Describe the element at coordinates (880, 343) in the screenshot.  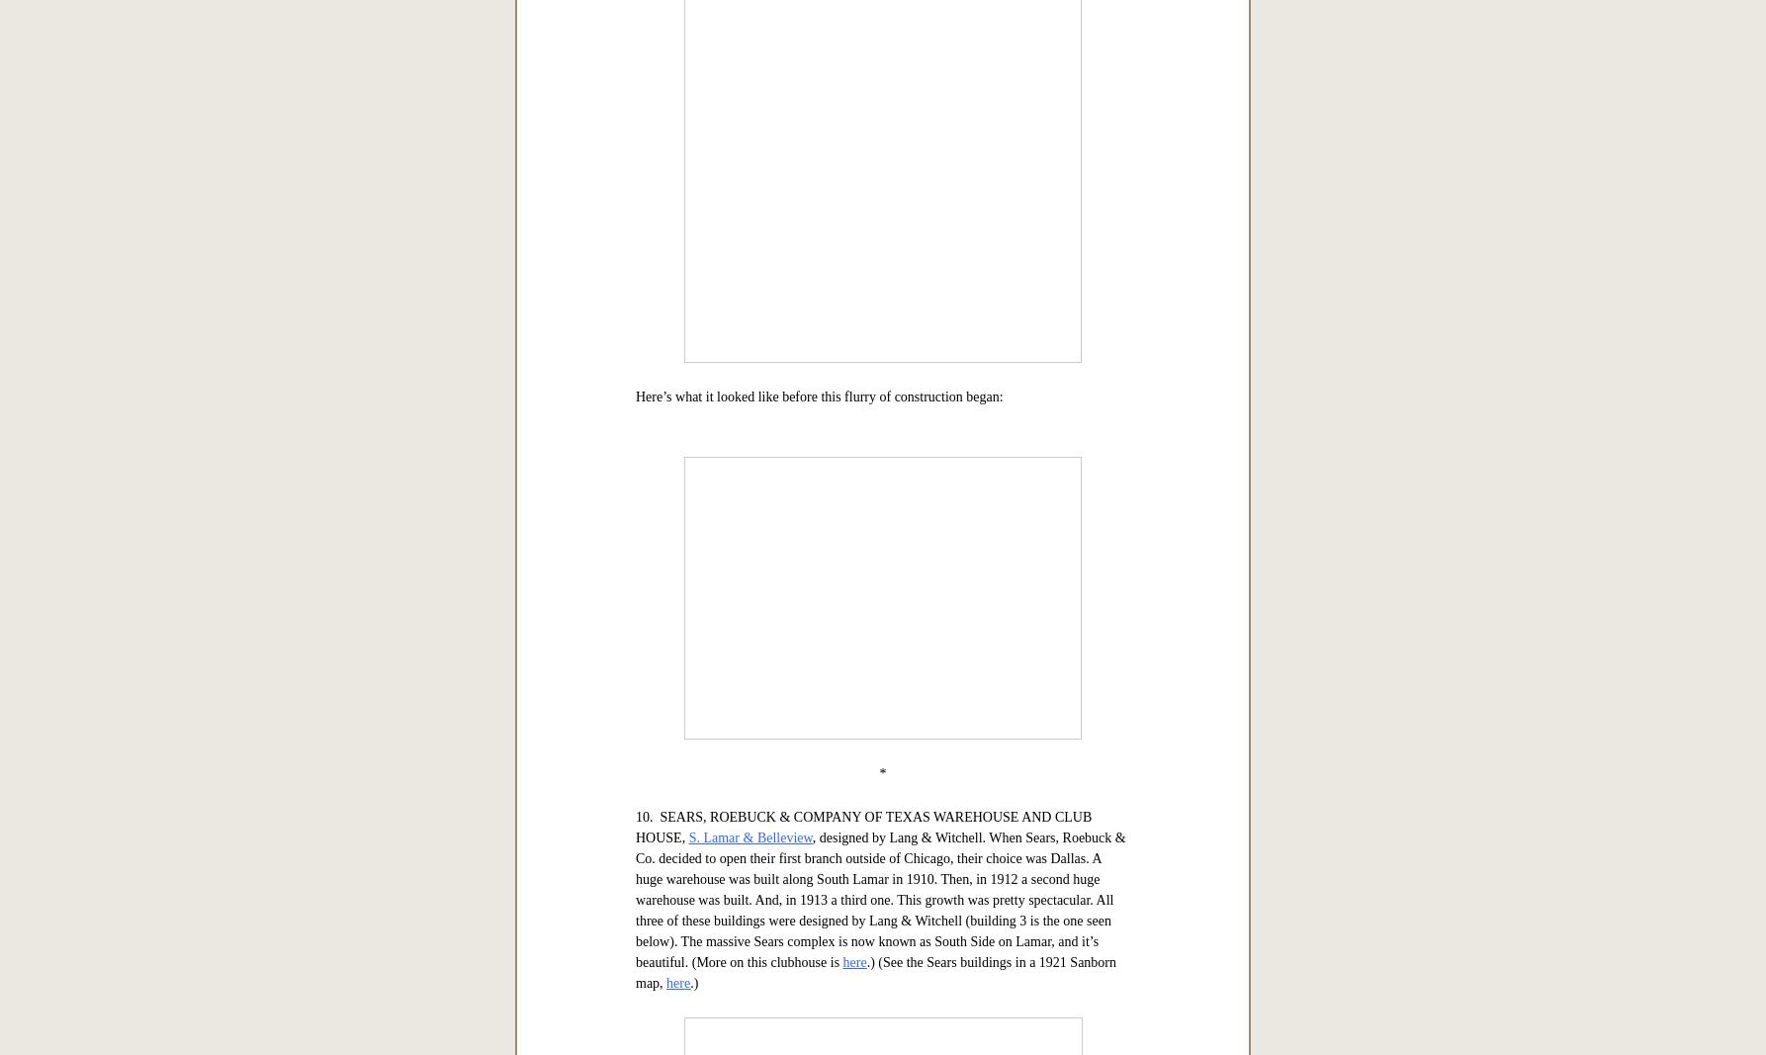
I see `'addition matching the rest of the store was built on the Elm Street side, resulting in a store taking up half a block of prime real estate (they would eventually own the entire block). More than a century later — now as part of El Centro College — the building still looks good. (See it on a 1905 Sanborn map,'` at that location.